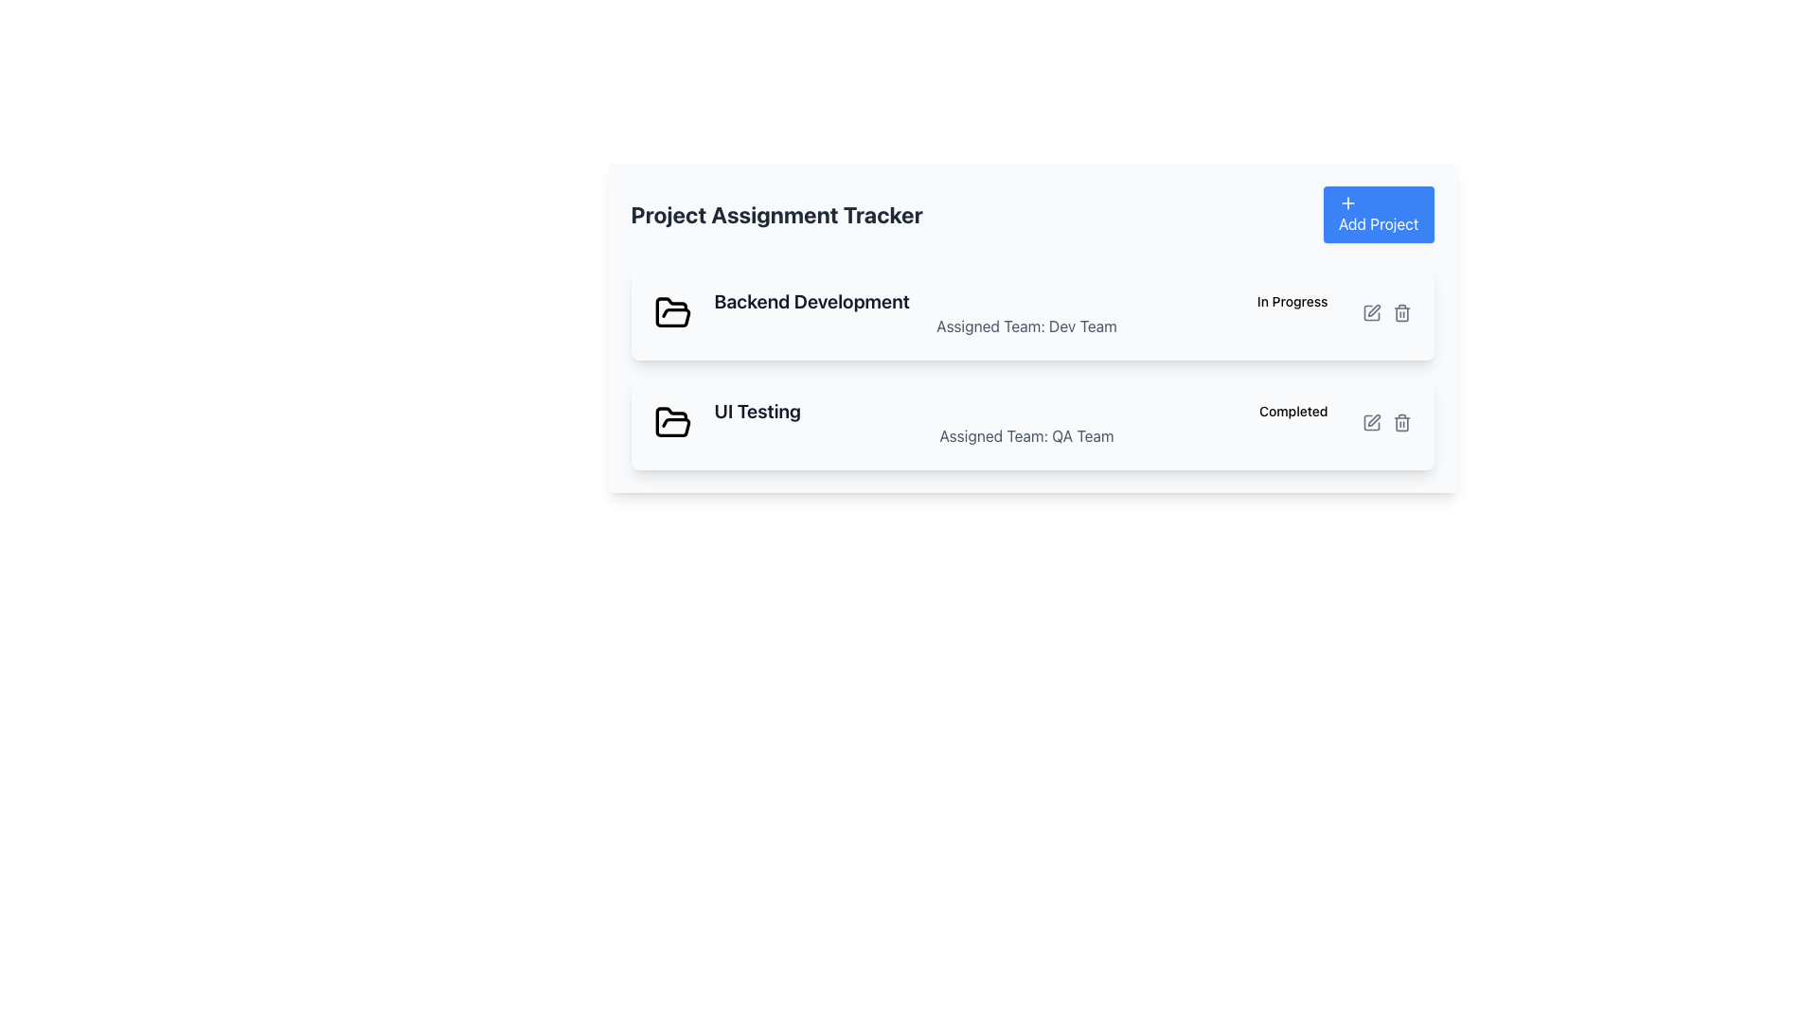 Image resolution: width=1818 pixels, height=1022 pixels. I want to click on the blue rectangular 'Add Project' button with rounded corners that contains white text and a plus icon, located at the top-right corner of the header area for the 'Project Assignment Tracker', so click(1379, 214).